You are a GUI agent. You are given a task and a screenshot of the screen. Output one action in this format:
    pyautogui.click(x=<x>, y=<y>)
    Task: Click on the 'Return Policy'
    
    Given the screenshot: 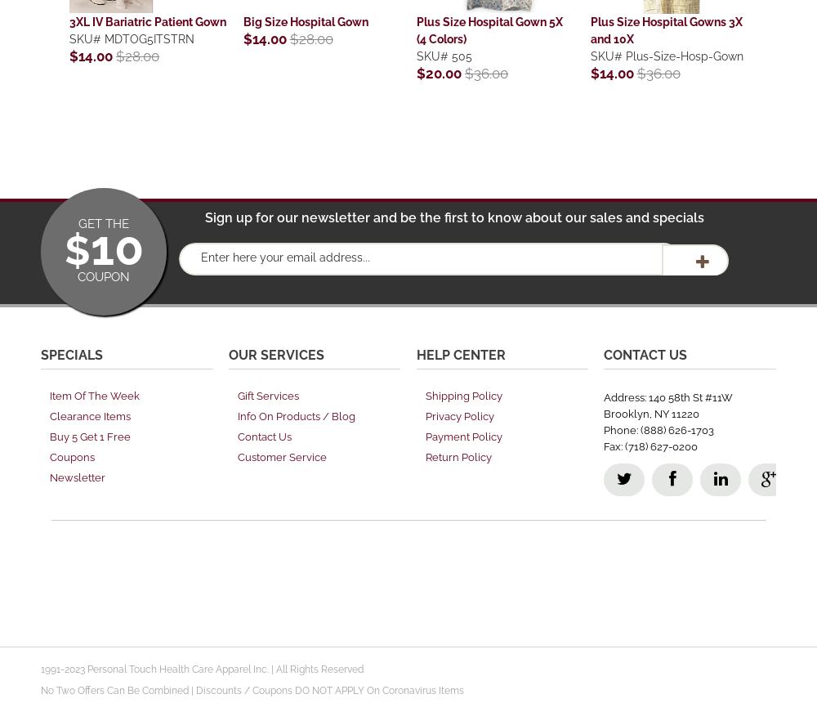 What is the action you would take?
    pyautogui.click(x=458, y=456)
    